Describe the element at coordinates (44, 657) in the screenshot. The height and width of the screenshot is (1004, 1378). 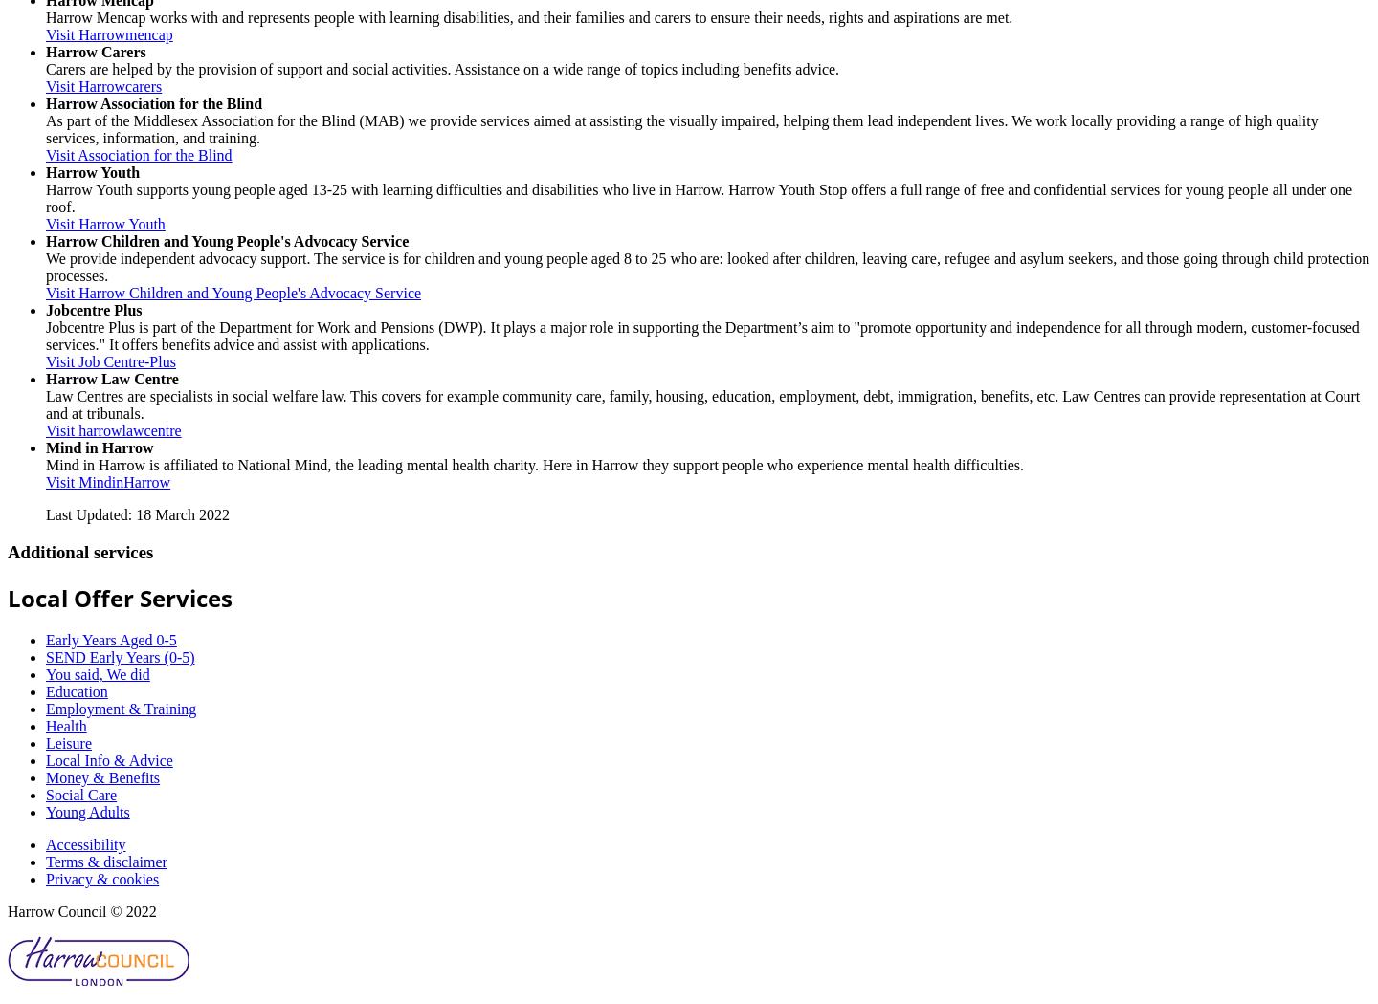
I see `'SEND Early Years (0-5)'` at that location.